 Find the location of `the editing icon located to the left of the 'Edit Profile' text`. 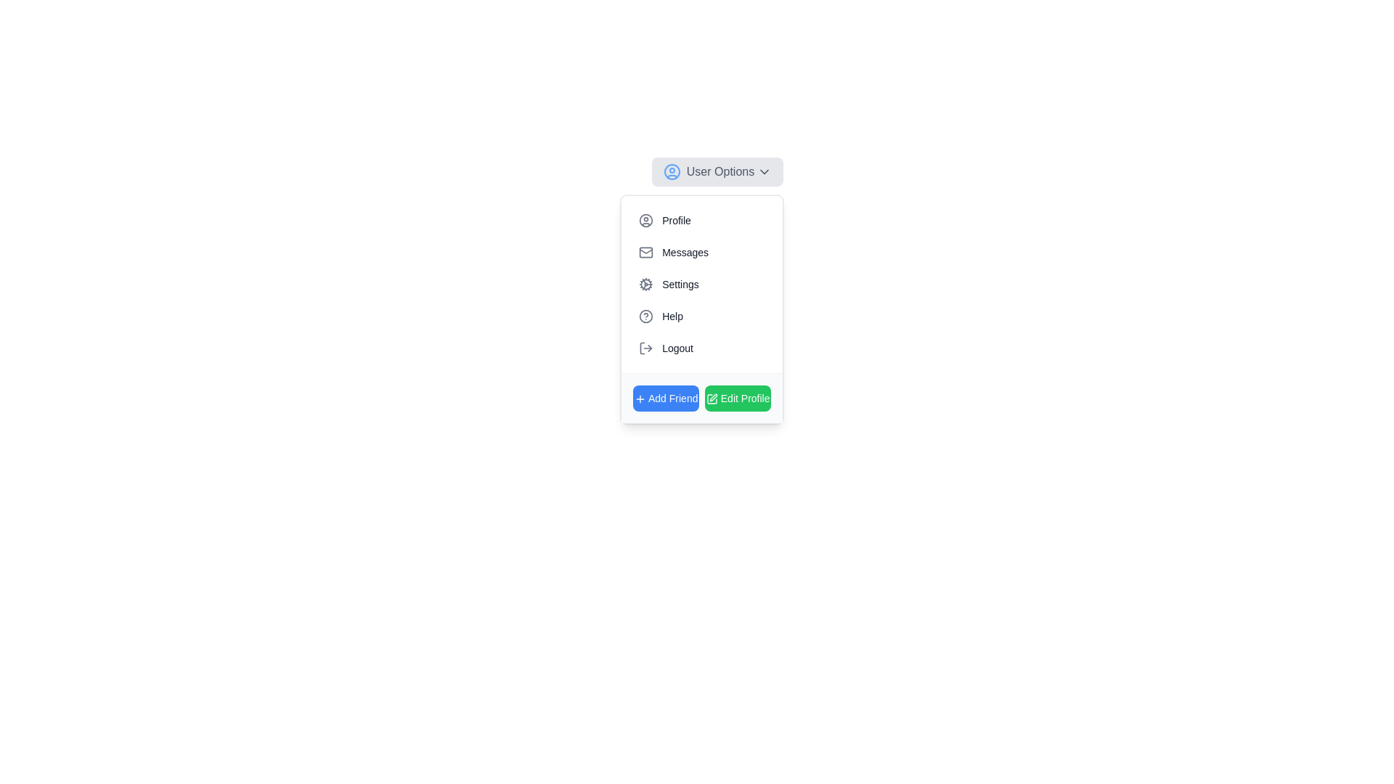

the editing icon located to the left of the 'Edit Profile' text is located at coordinates (712, 399).